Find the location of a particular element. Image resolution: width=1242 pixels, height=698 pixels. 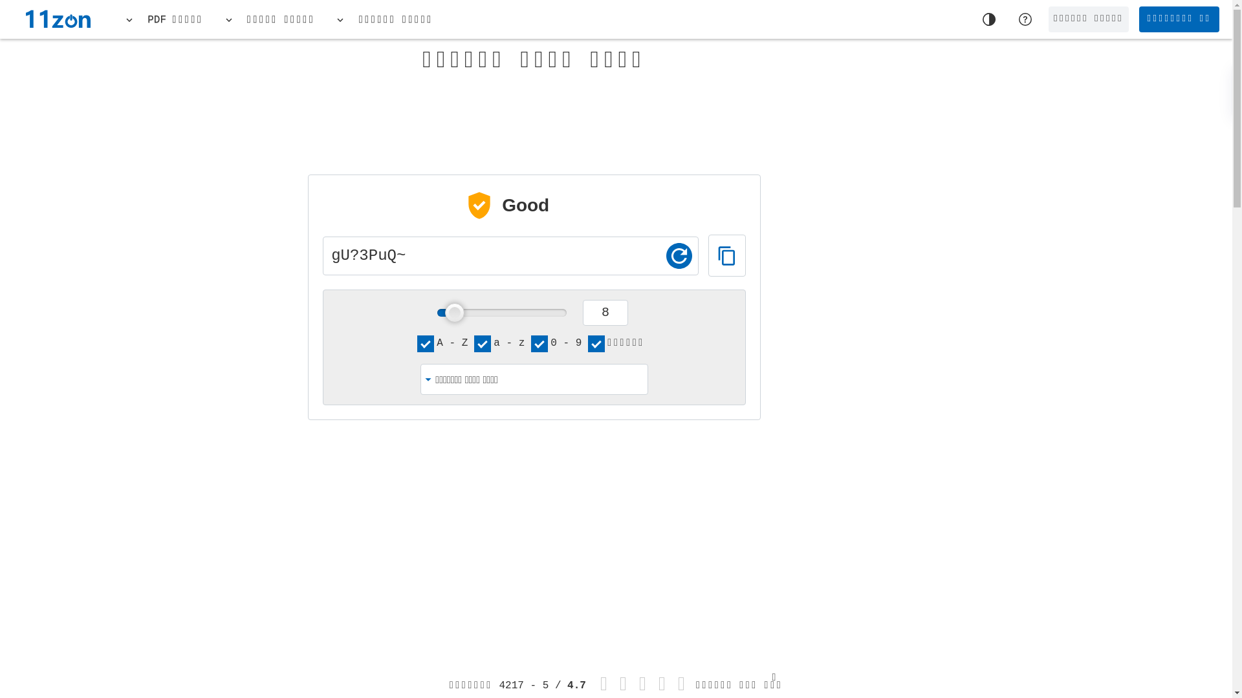

'Refresh' is located at coordinates (679, 256).